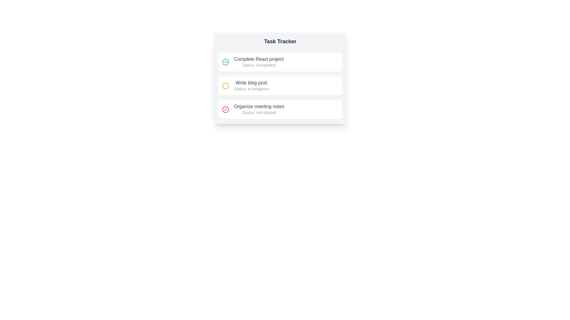  What do you see at coordinates (259, 106) in the screenshot?
I see `the Text Label that describes the task titled 'Organize meeting notes' in the task tracker application` at bounding box center [259, 106].